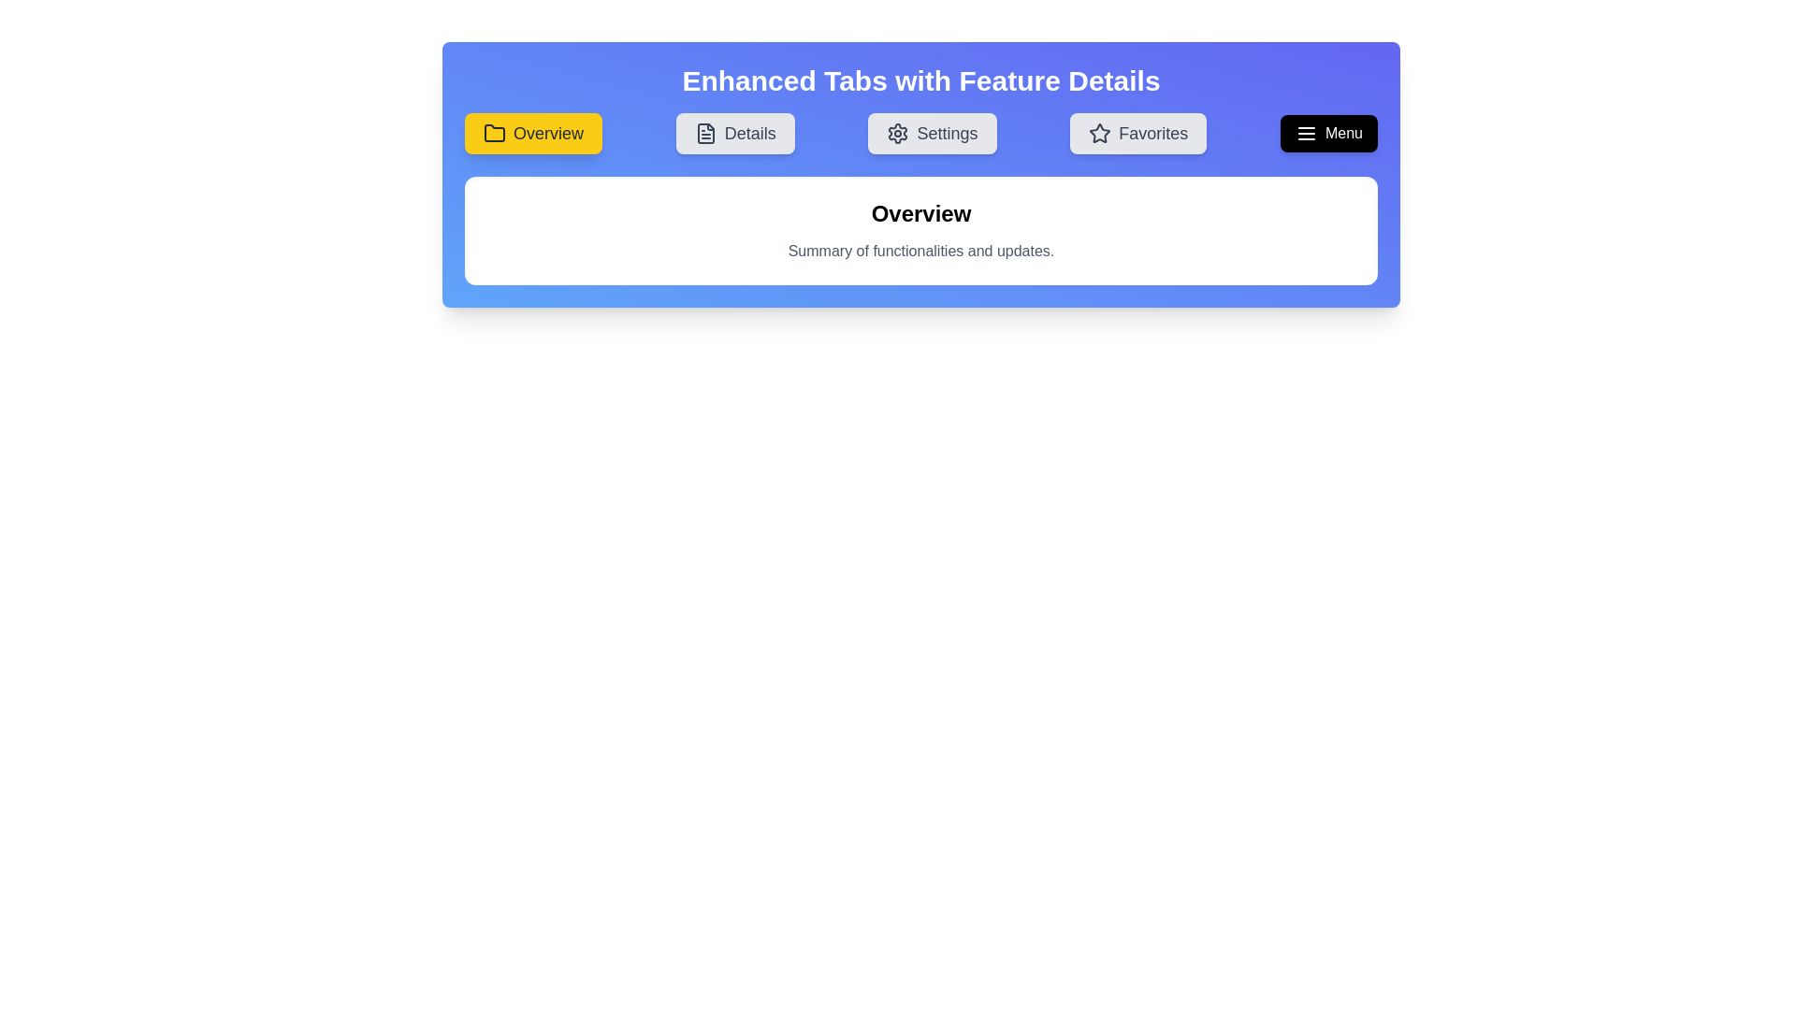 This screenshot has height=1010, width=1796. What do you see at coordinates (920, 80) in the screenshot?
I see `the header text label located at the top of the rounded blue section, which summarizes the content below and is centered above the interactive buttons` at bounding box center [920, 80].